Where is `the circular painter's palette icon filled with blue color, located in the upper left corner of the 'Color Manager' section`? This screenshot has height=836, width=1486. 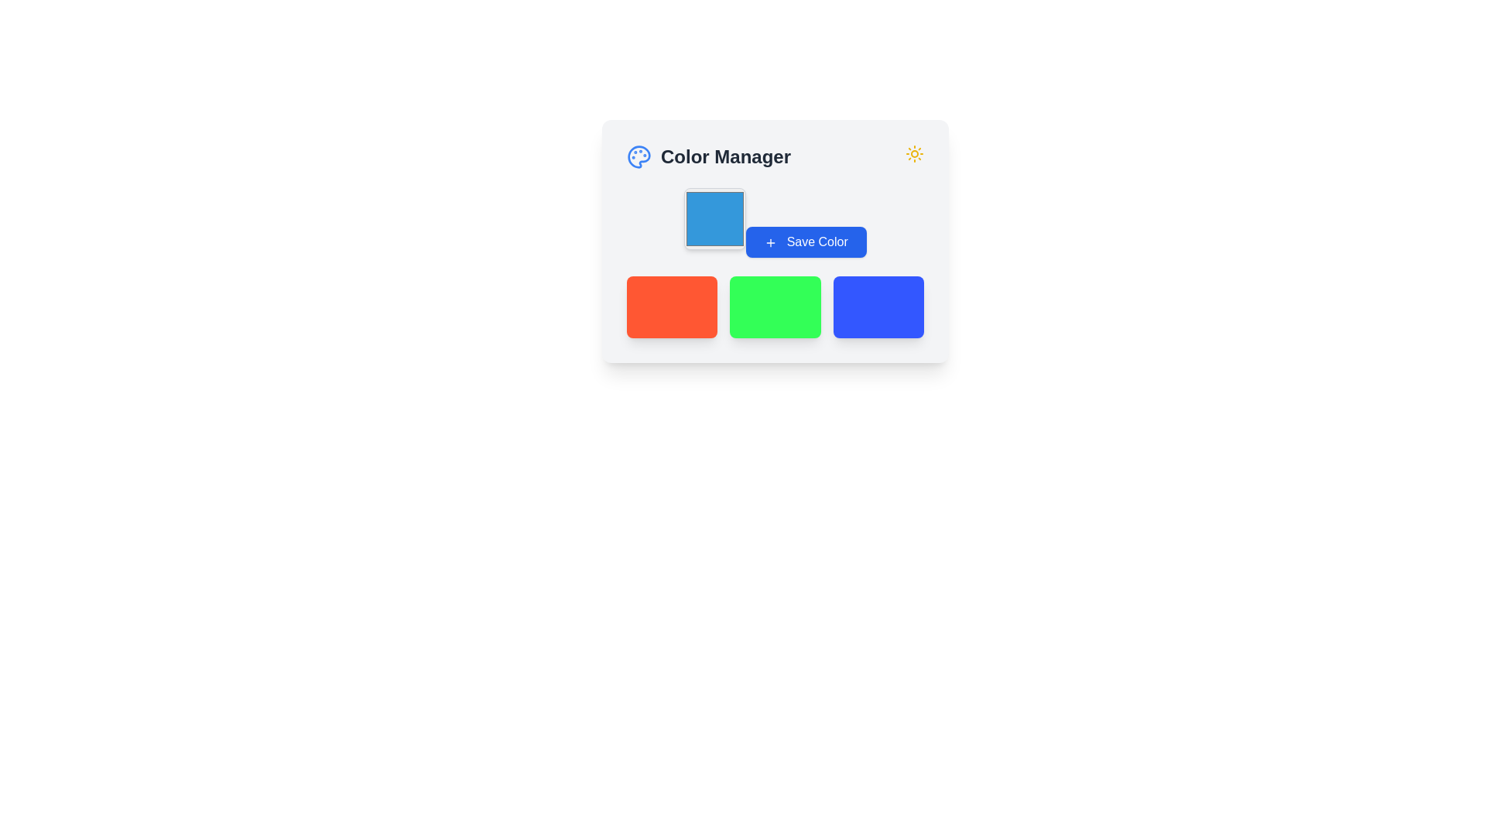
the circular painter's palette icon filled with blue color, located in the upper left corner of the 'Color Manager' section is located at coordinates (639, 157).